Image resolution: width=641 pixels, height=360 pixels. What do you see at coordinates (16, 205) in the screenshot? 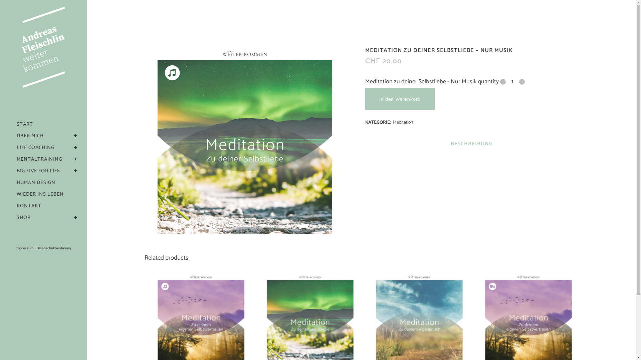
I see `'KONTAKT'` at bounding box center [16, 205].